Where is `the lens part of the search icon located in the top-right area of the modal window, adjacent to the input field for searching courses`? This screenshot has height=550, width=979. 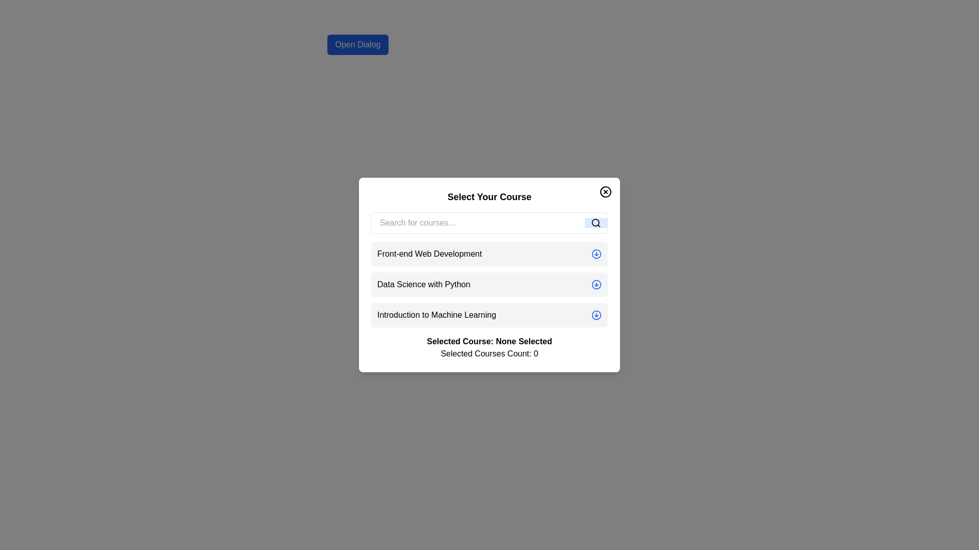
the lens part of the search icon located in the top-right area of the modal window, adjacent to the input field for searching courses is located at coordinates (596, 222).